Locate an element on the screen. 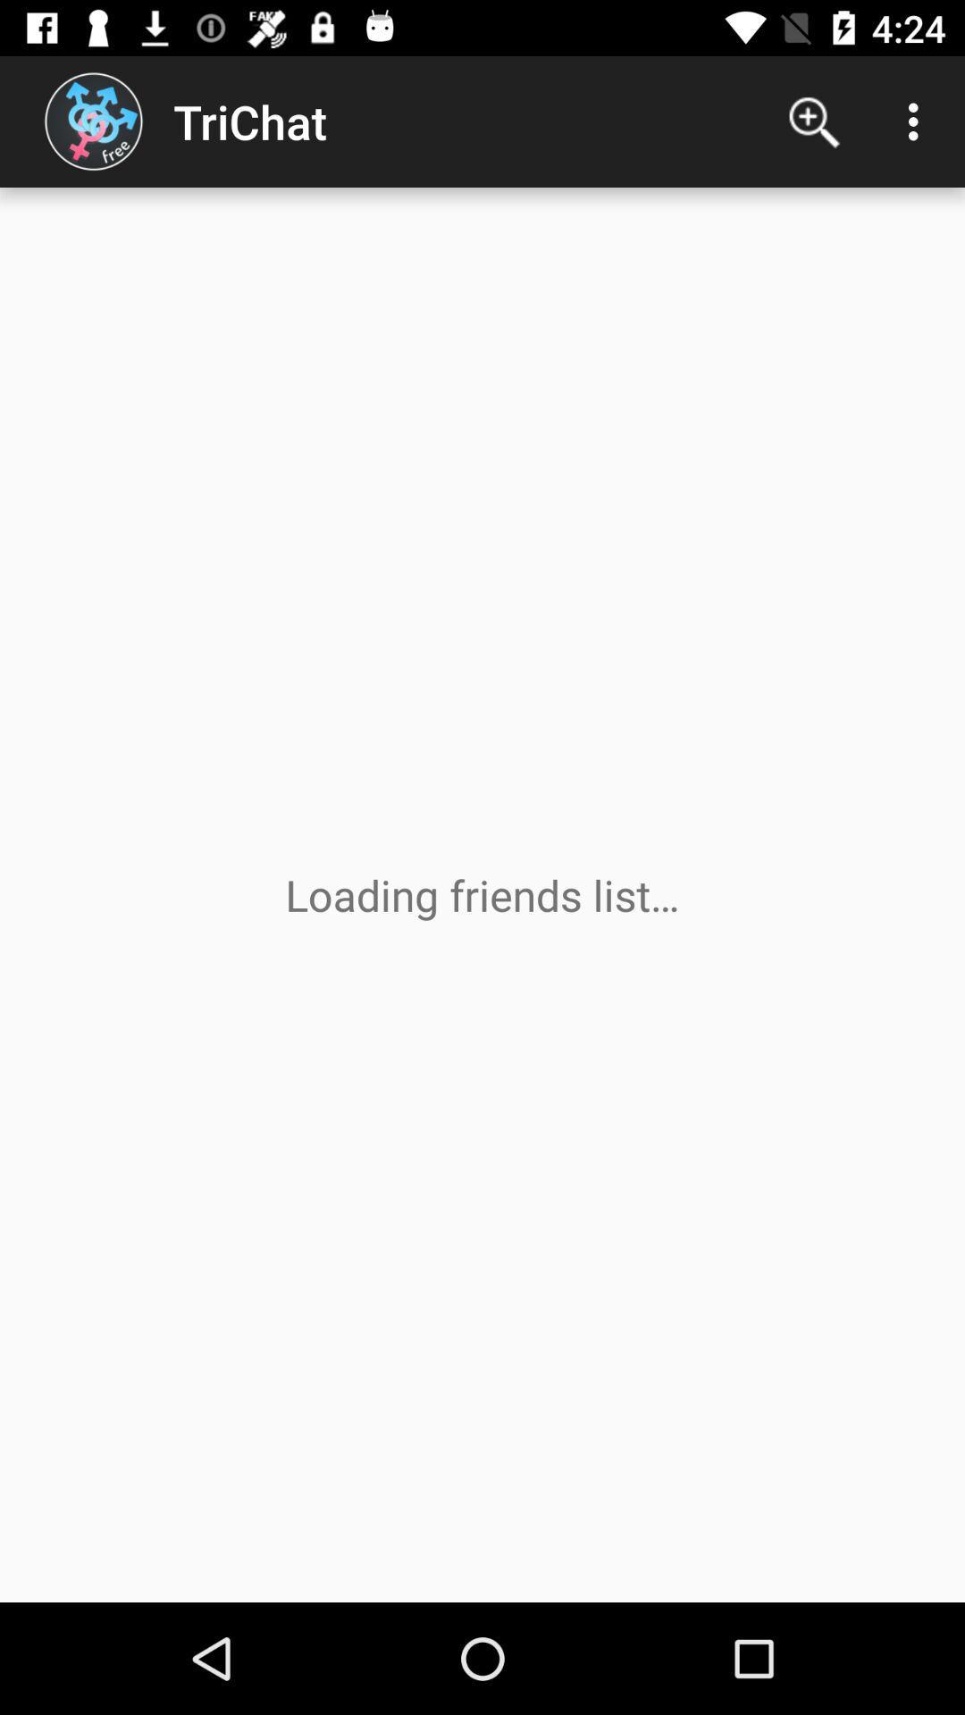  icon next to the trichat is located at coordinates (814, 121).